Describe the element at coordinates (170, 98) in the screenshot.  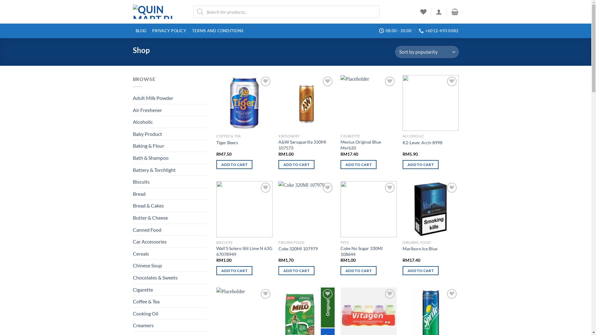
I see `'Adult Milk Powder'` at that location.